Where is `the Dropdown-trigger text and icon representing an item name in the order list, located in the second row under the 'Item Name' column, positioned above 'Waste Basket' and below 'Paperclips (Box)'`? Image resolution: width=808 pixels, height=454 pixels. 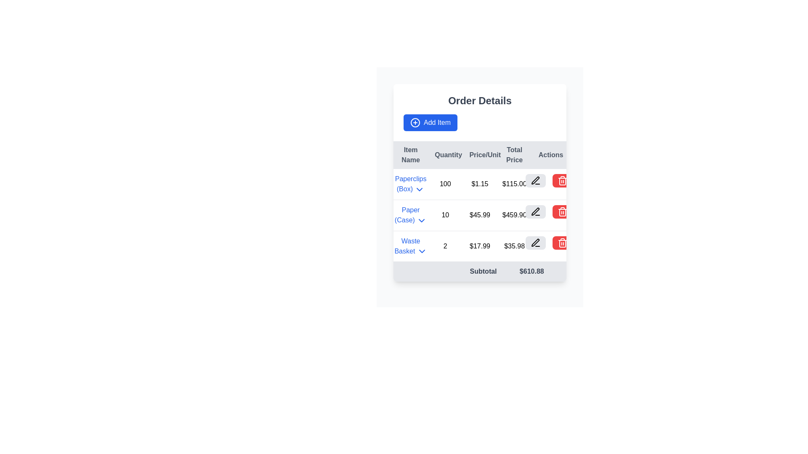
the Dropdown-trigger text and icon representing an item name in the order list, located in the second row under the 'Item Name' column, positioned above 'Waste Basket' and below 'Paperclips (Box)' is located at coordinates (411, 215).